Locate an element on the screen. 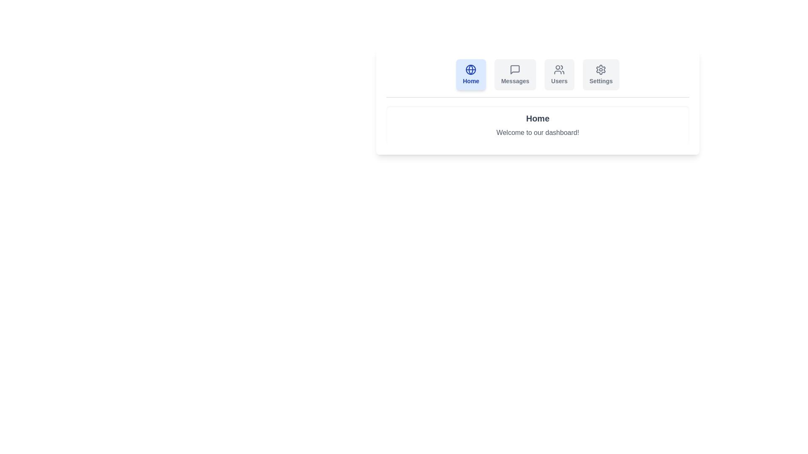 Image resolution: width=808 pixels, height=454 pixels. the Settings tab to switch to its content is located at coordinates (601, 74).